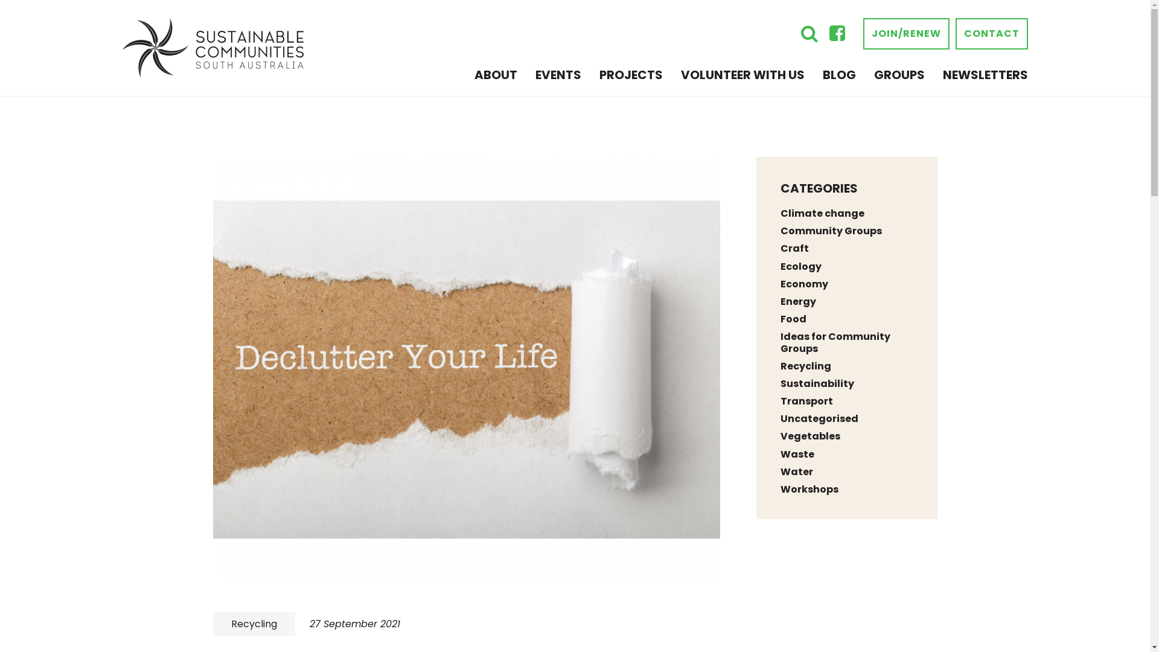  Describe the element at coordinates (742, 74) in the screenshot. I see `'VOLUNTEER WITH US'` at that location.